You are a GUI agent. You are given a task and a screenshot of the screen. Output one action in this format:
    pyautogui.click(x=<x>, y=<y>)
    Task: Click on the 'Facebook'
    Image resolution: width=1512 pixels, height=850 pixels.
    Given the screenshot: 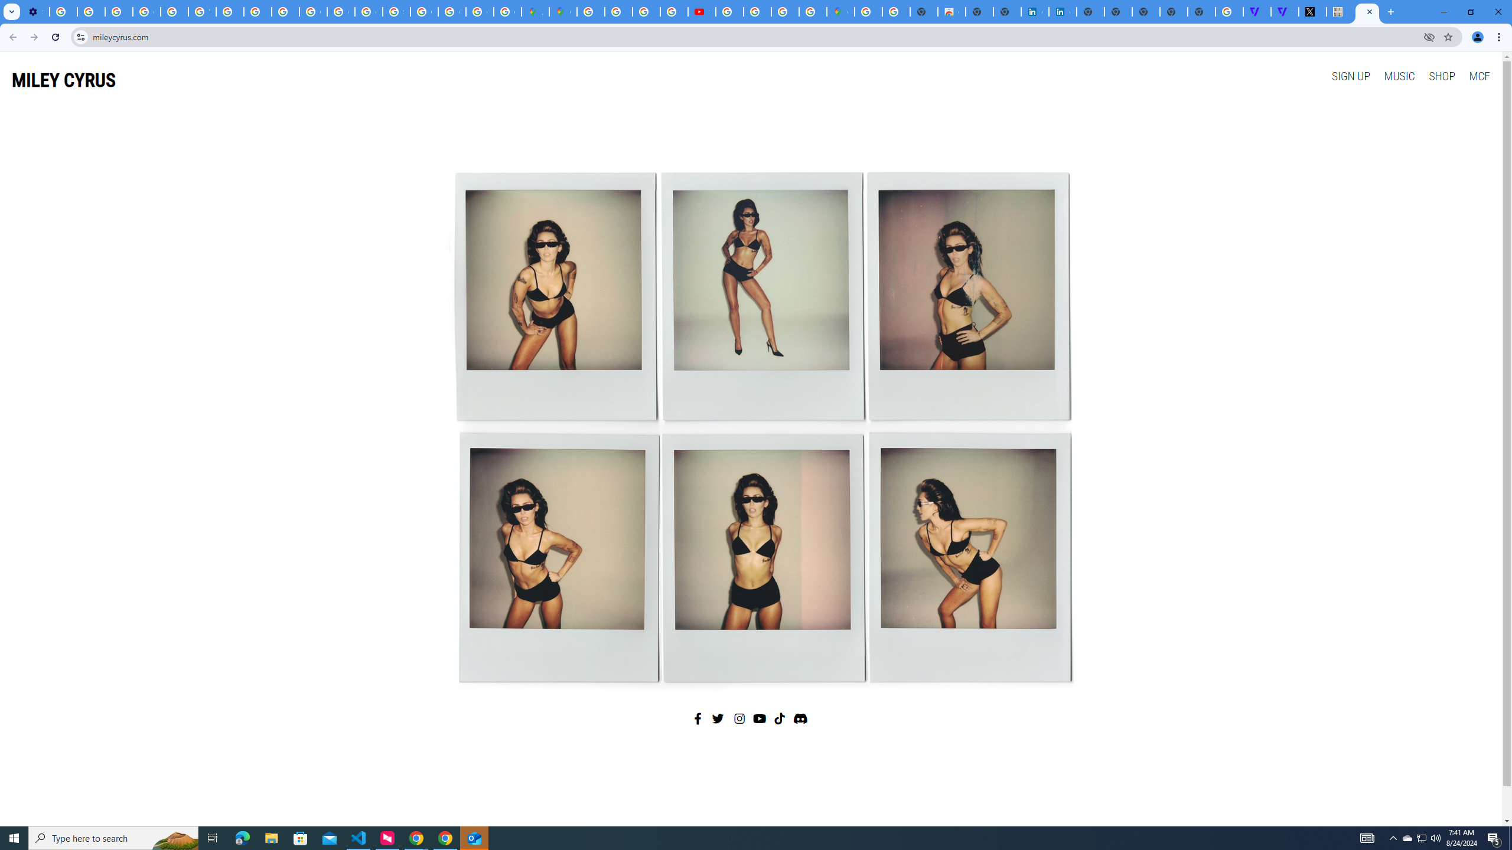 What is the action you would take?
    pyautogui.click(x=698, y=718)
    